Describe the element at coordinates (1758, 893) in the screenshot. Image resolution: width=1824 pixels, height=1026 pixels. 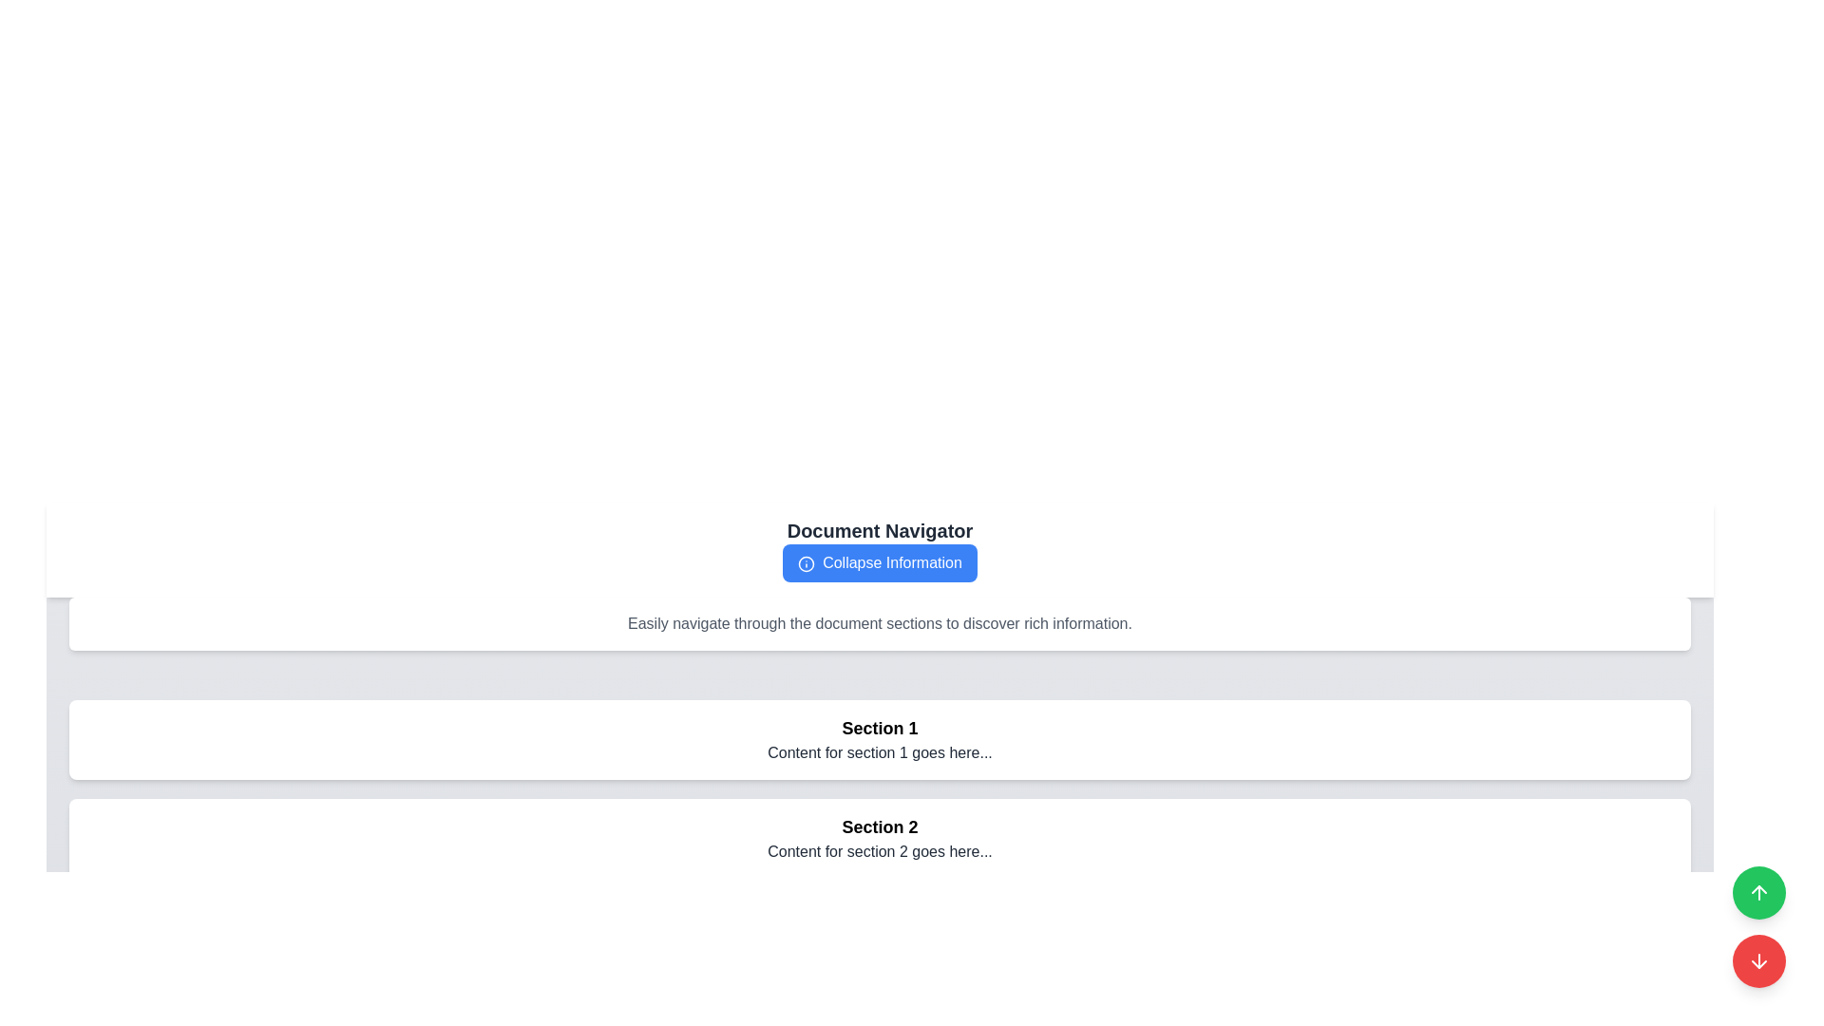
I see `the green circular button with an upward arrow located at the bottom-right corner of the interface to trigger tooltip or visual feedback` at that location.